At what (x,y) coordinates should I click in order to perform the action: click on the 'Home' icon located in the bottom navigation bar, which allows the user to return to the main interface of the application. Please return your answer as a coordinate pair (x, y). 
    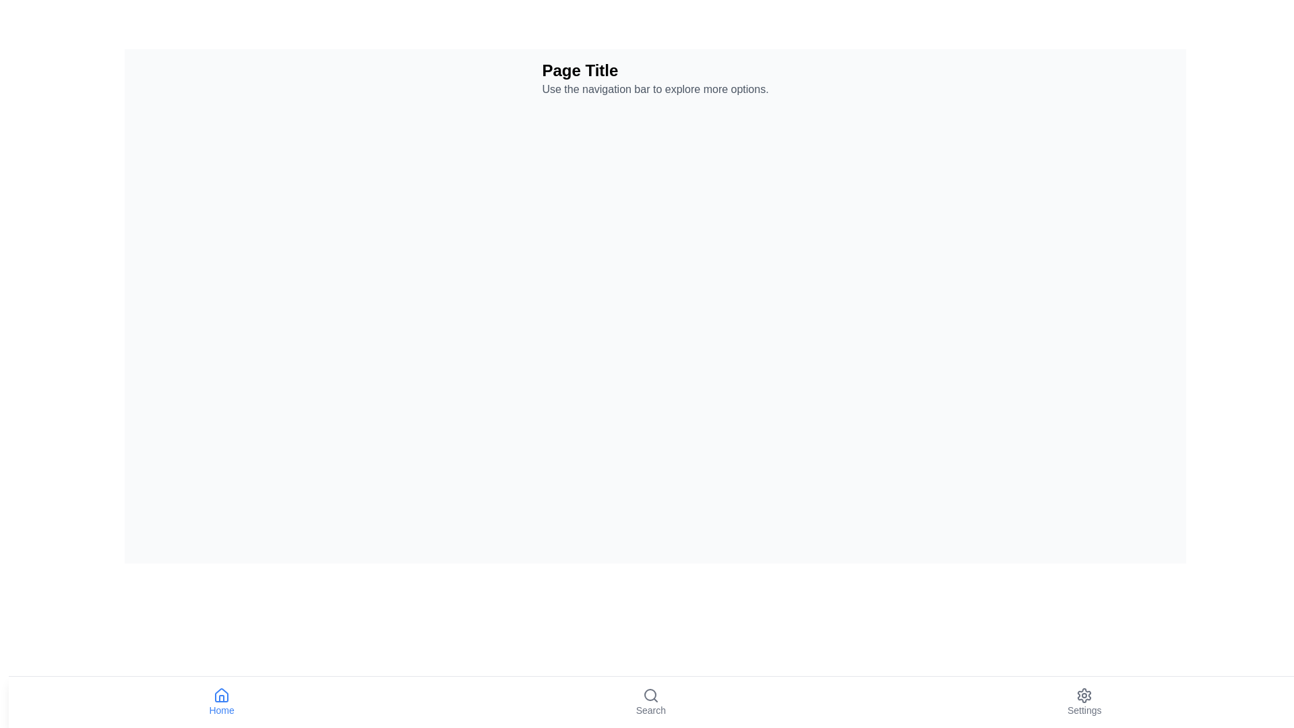
    Looking at the image, I should click on (222, 696).